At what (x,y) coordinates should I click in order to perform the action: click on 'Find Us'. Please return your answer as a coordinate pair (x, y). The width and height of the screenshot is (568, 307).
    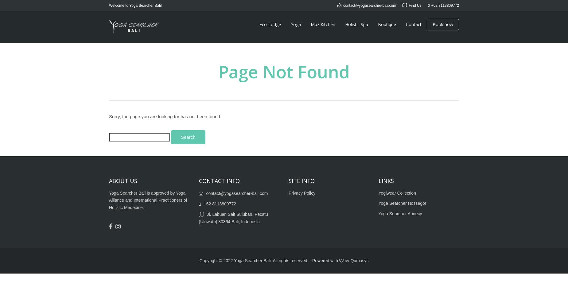
    Looking at the image, I should click on (414, 6).